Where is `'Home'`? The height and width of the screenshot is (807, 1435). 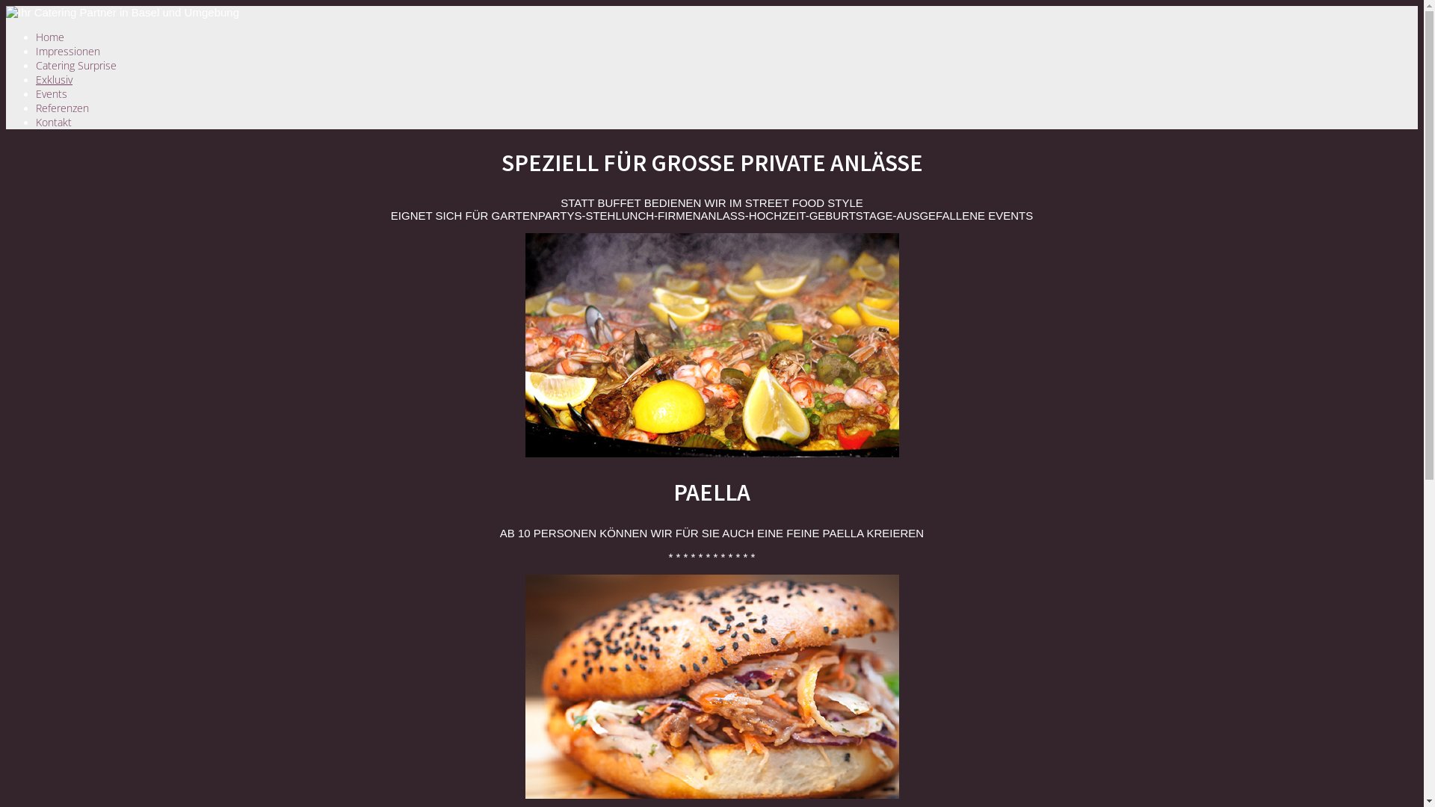
'Home' is located at coordinates (36, 36).